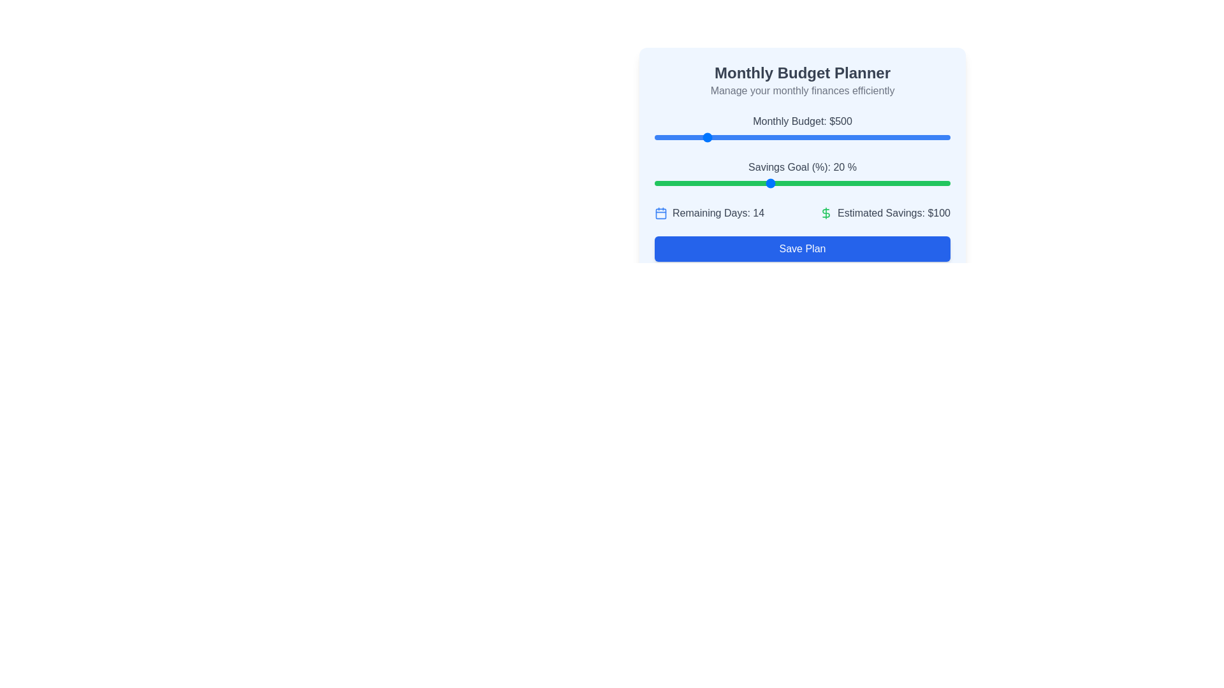 The height and width of the screenshot is (688, 1224). I want to click on the Savings Goal (%), so click(854, 183).